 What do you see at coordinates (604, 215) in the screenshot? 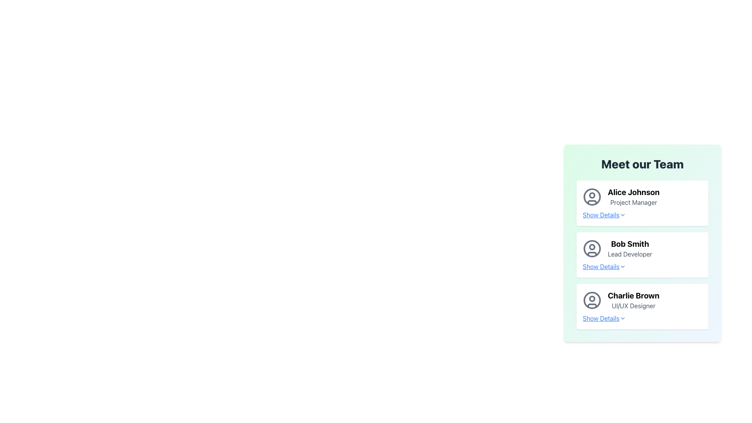
I see `the 'Show Details' hyperlink located within the card labeled 'Alice Johnson - Project Manager'` at bounding box center [604, 215].